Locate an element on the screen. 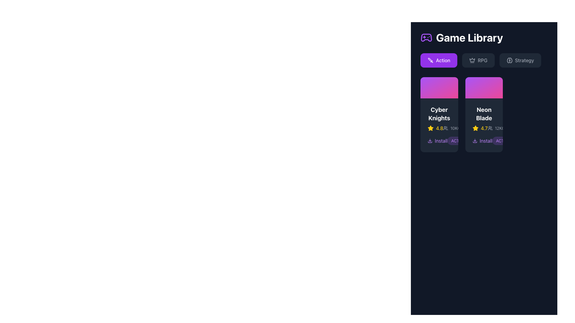 The image size is (575, 323). the star icon representing the 4.7 rating of the 'Neon Blade' item, which is located next to the rating value is located at coordinates (475, 128).